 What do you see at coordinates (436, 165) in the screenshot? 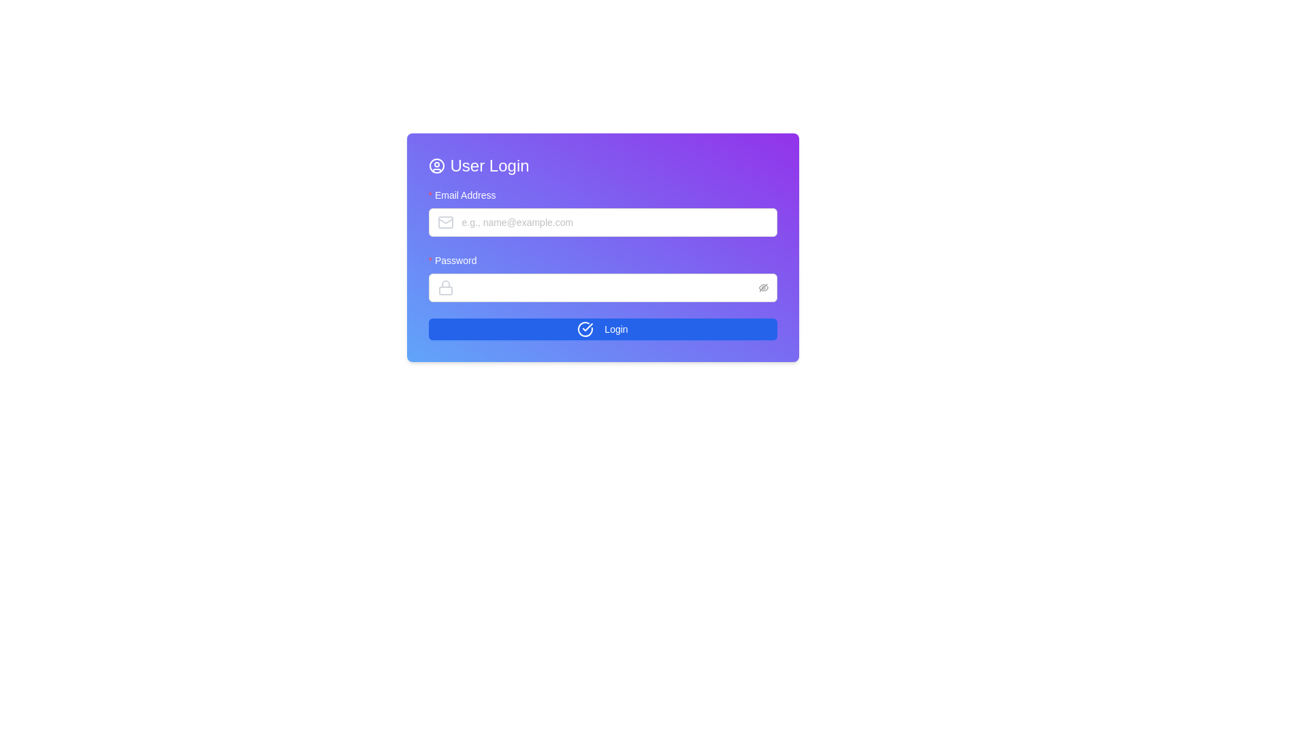
I see `the user profile icon` at bounding box center [436, 165].